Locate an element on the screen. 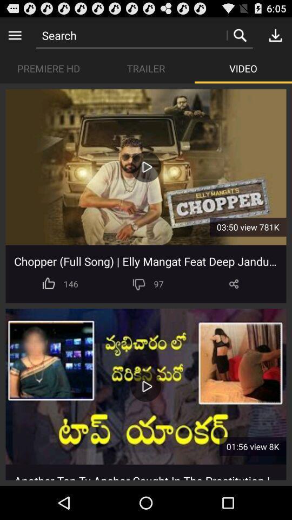 The width and height of the screenshot is (292, 520). item below search icon is located at coordinates (243, 68).